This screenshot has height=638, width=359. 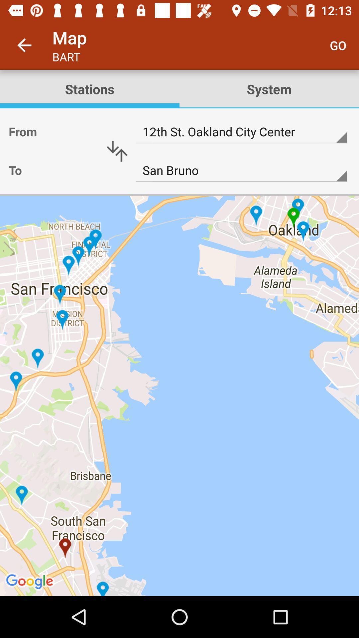 I want to click on item below go icon, so click(x=269, y=89).